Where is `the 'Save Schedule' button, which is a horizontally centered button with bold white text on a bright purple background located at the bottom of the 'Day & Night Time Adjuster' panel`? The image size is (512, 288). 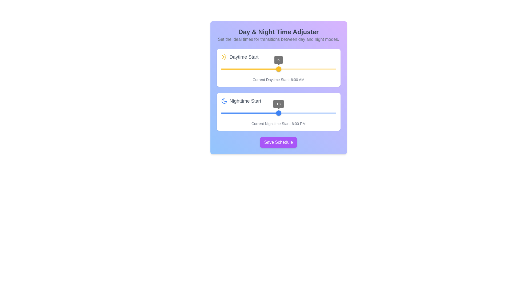
the 'Save Schedule' button, which is a horizontally centered button with bold white text on a bright purple background located at the bottom of the 'Day & Night Time Adjuster' panel is located at coordinates (278, 142).